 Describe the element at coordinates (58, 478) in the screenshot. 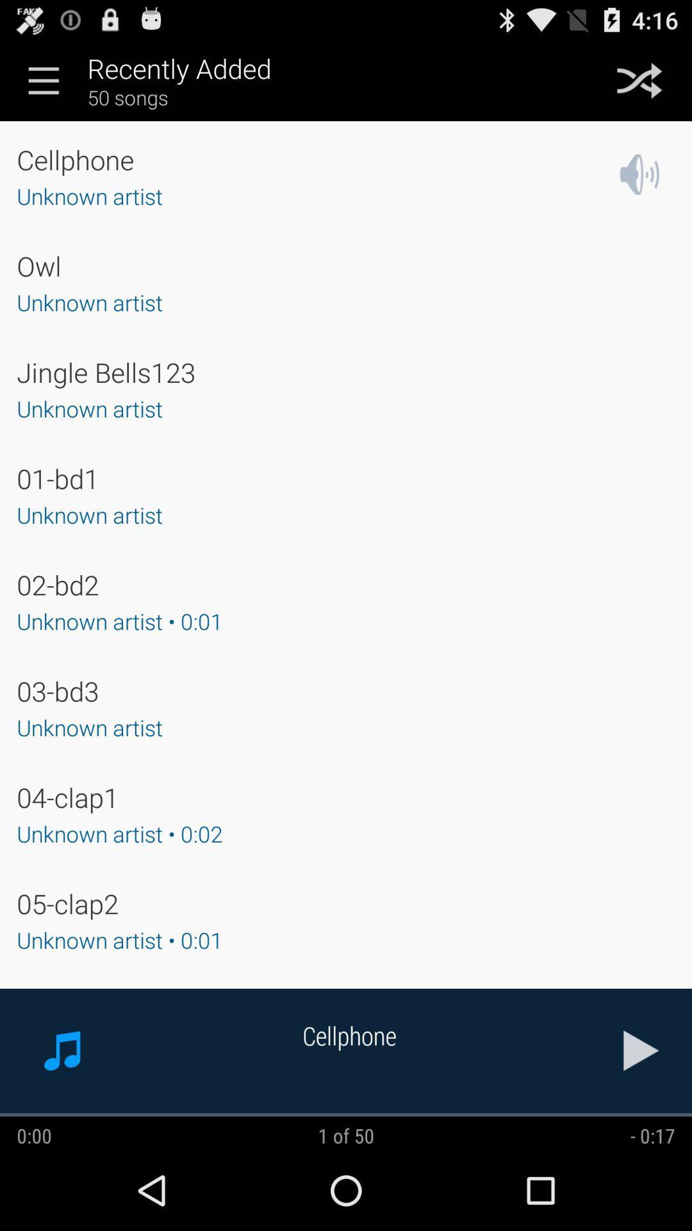

I see `app above the unknown artist app` at that location.